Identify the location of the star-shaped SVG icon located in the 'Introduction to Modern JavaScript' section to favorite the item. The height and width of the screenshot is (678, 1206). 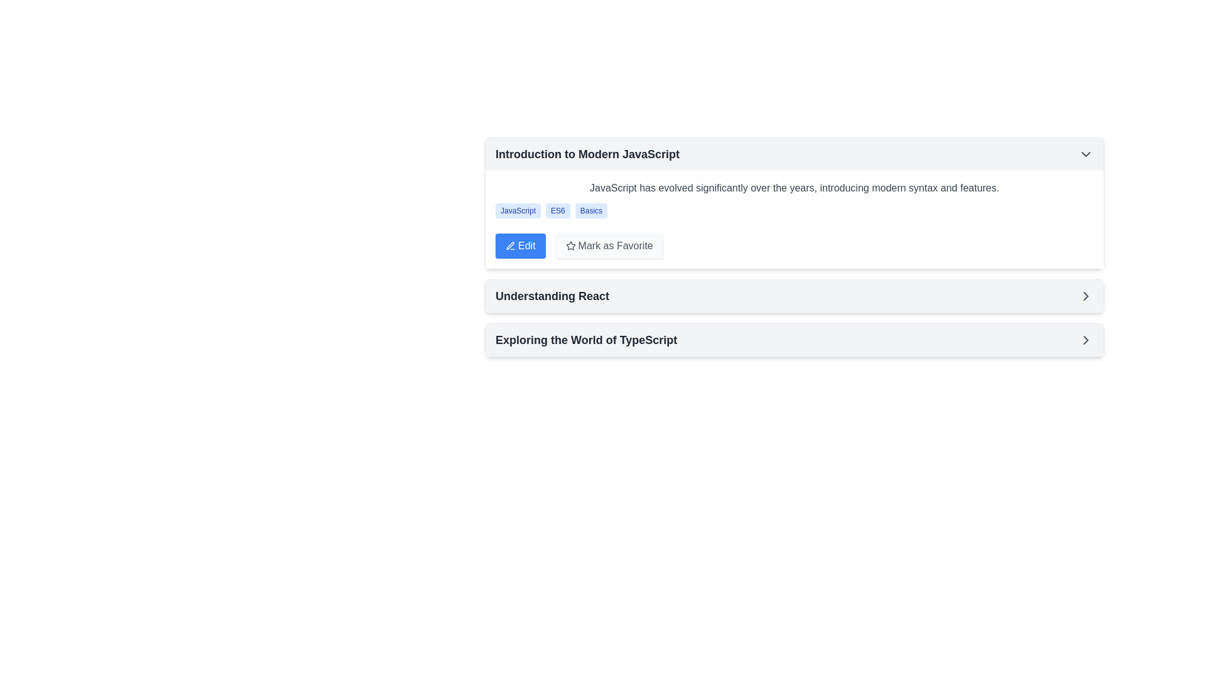
(569, 245).